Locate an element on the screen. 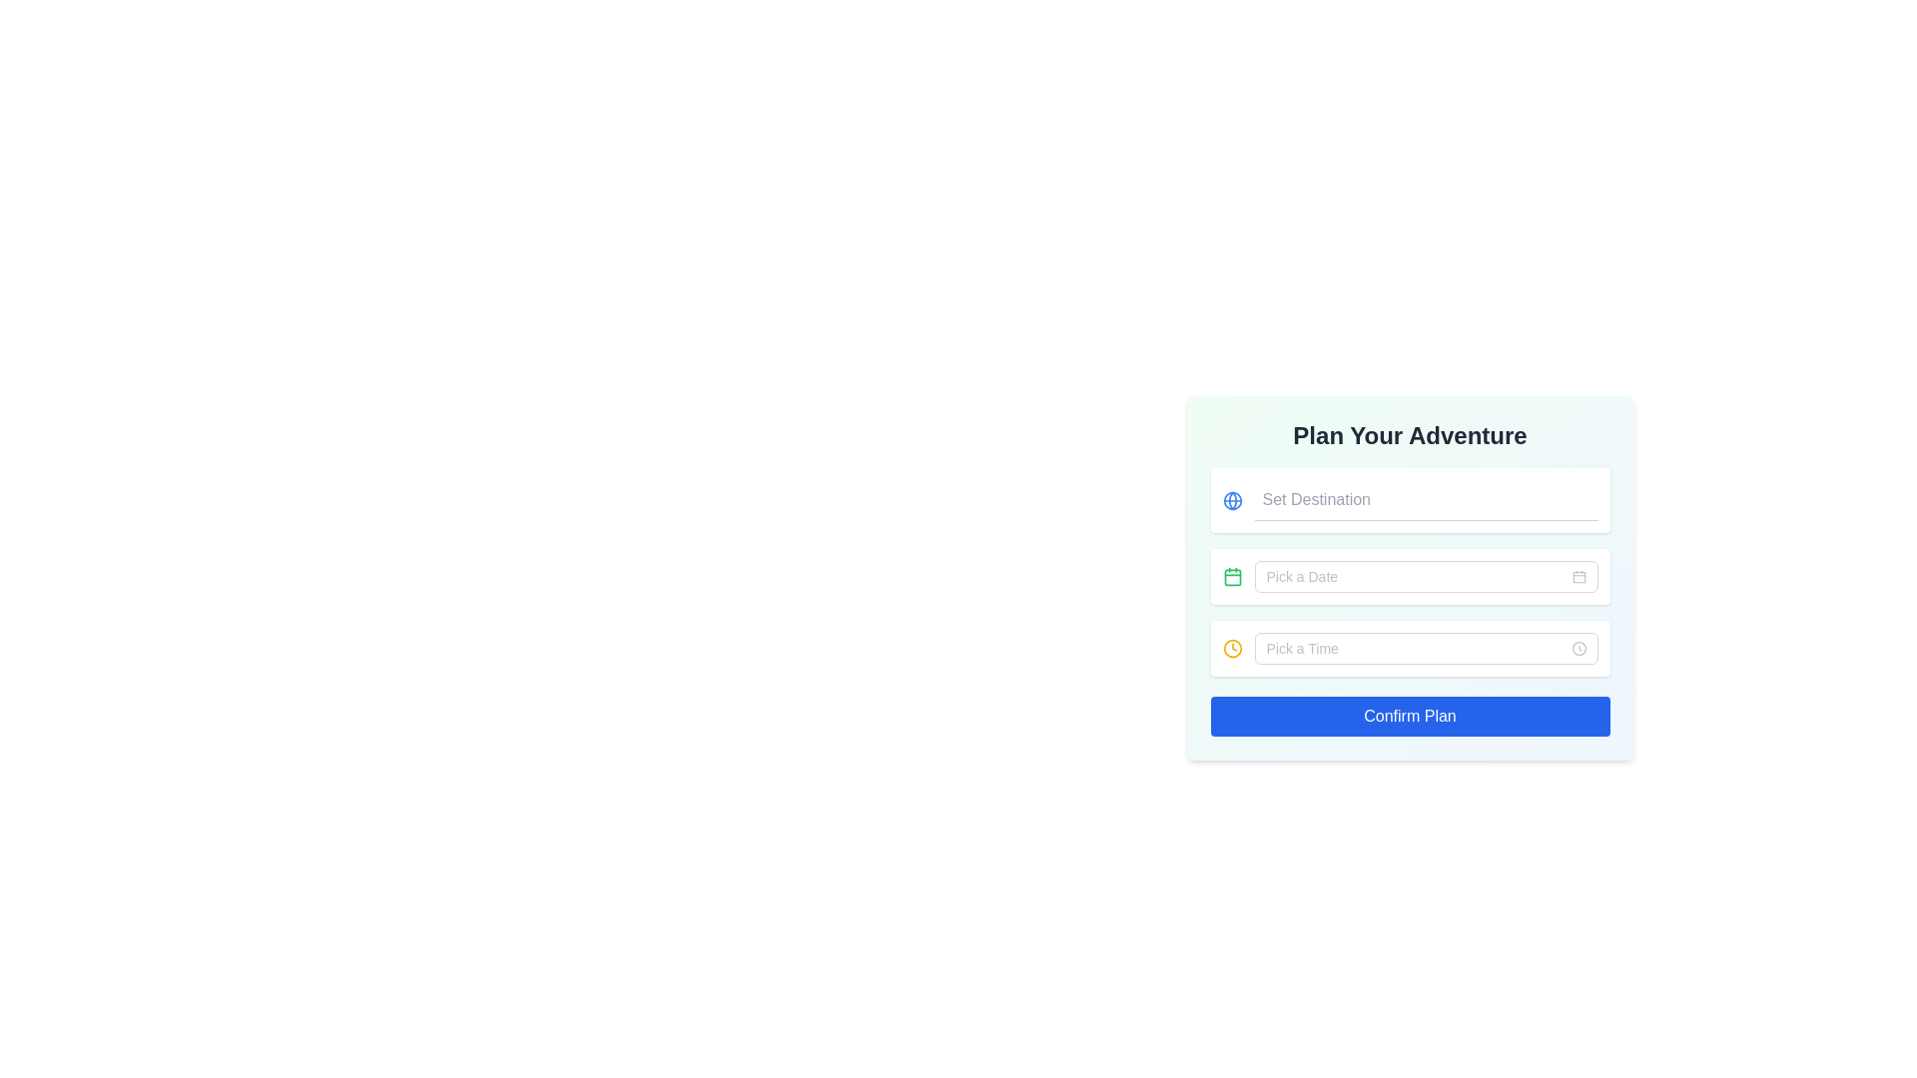  the date picker icon located on the left side of the 'Pick a Date' input field within the 'Plan Your Adventure' panel is located at coordinates (1231, 577).